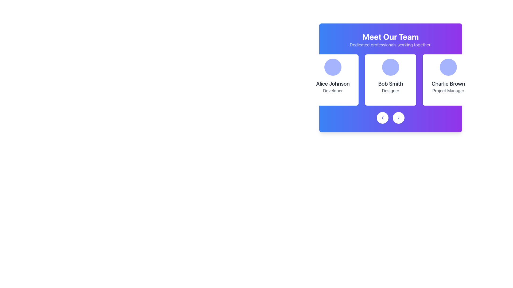 This screenshot has height=288, width=513. I want to click on the next item in the carousel by interacting with the forward navigation button located at the lower section of the component, positioned to the right of the left-facing chevron button, so click(399, 118).